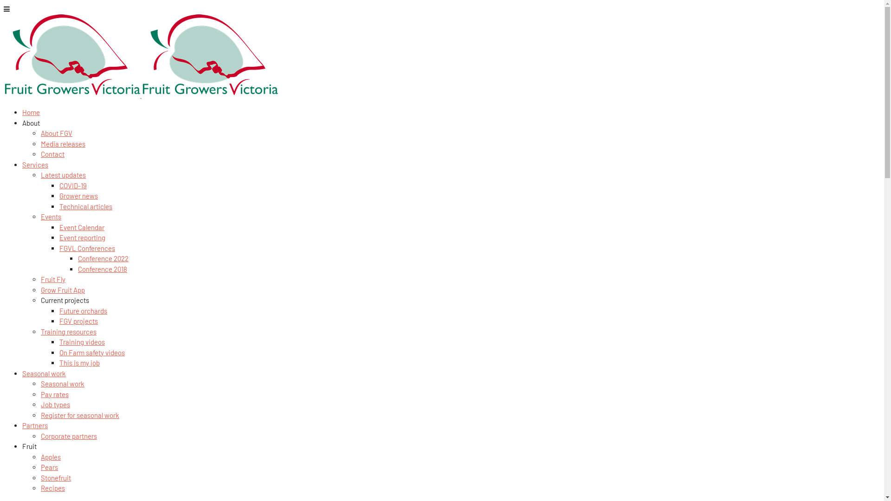 The image size is (891, 501). Describe the element at coordinates (40, 404) in the screenshot. I see `'Job types'` at that location.